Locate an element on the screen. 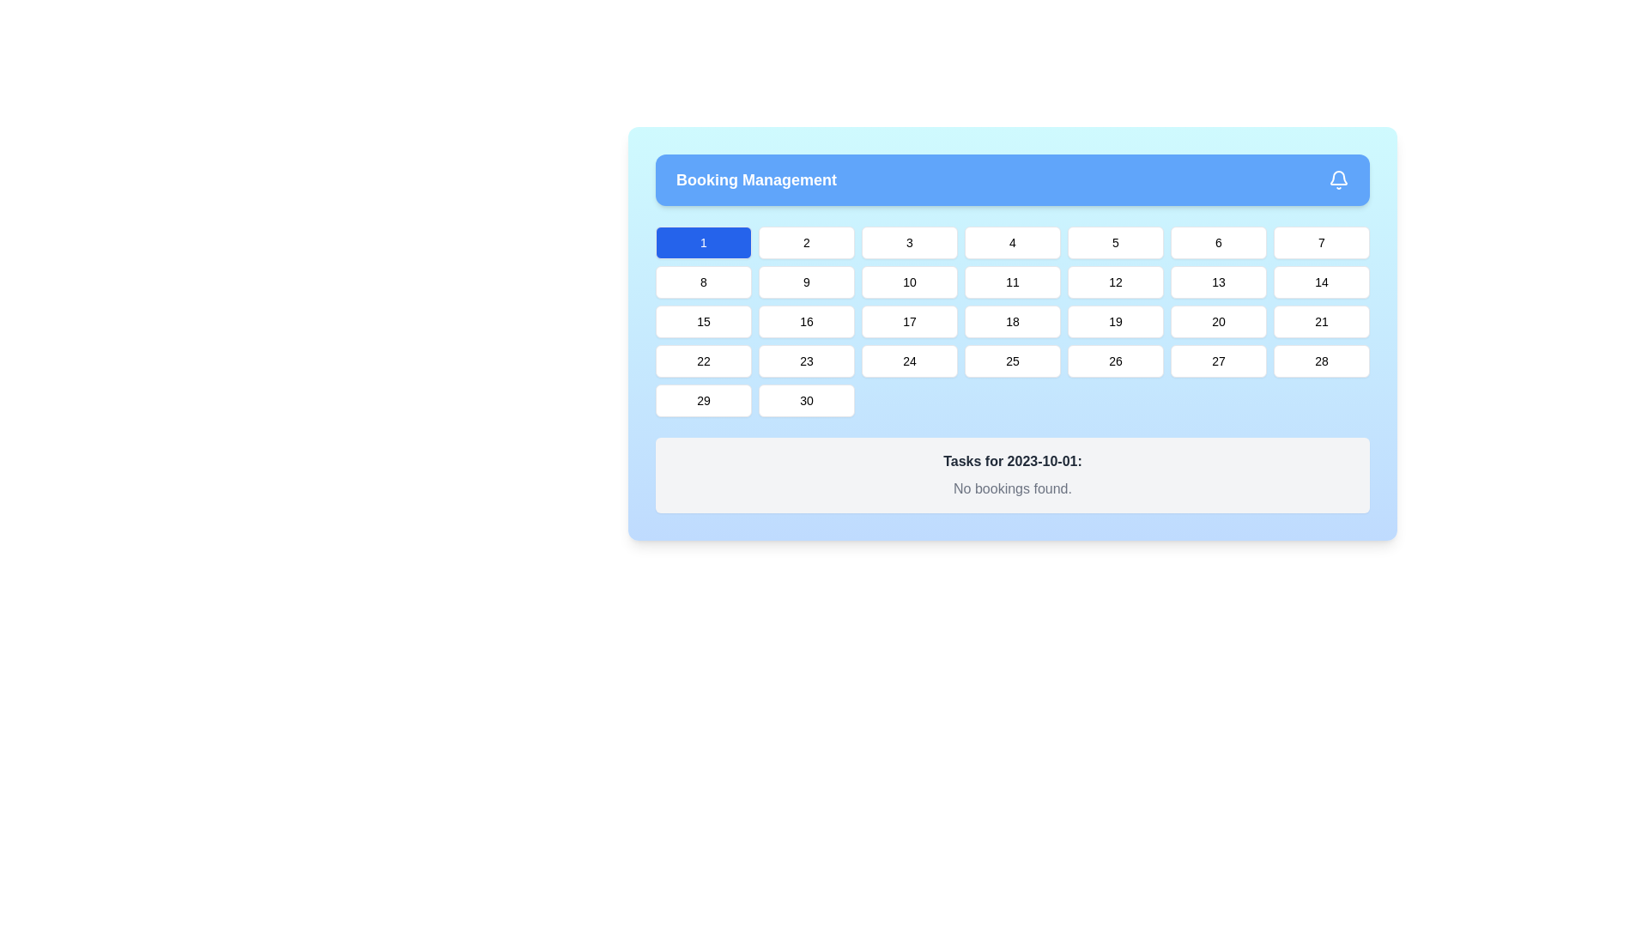  the rounded rectangular button with a white background and the number '3' centered within it is located at coordinates (909, 242).